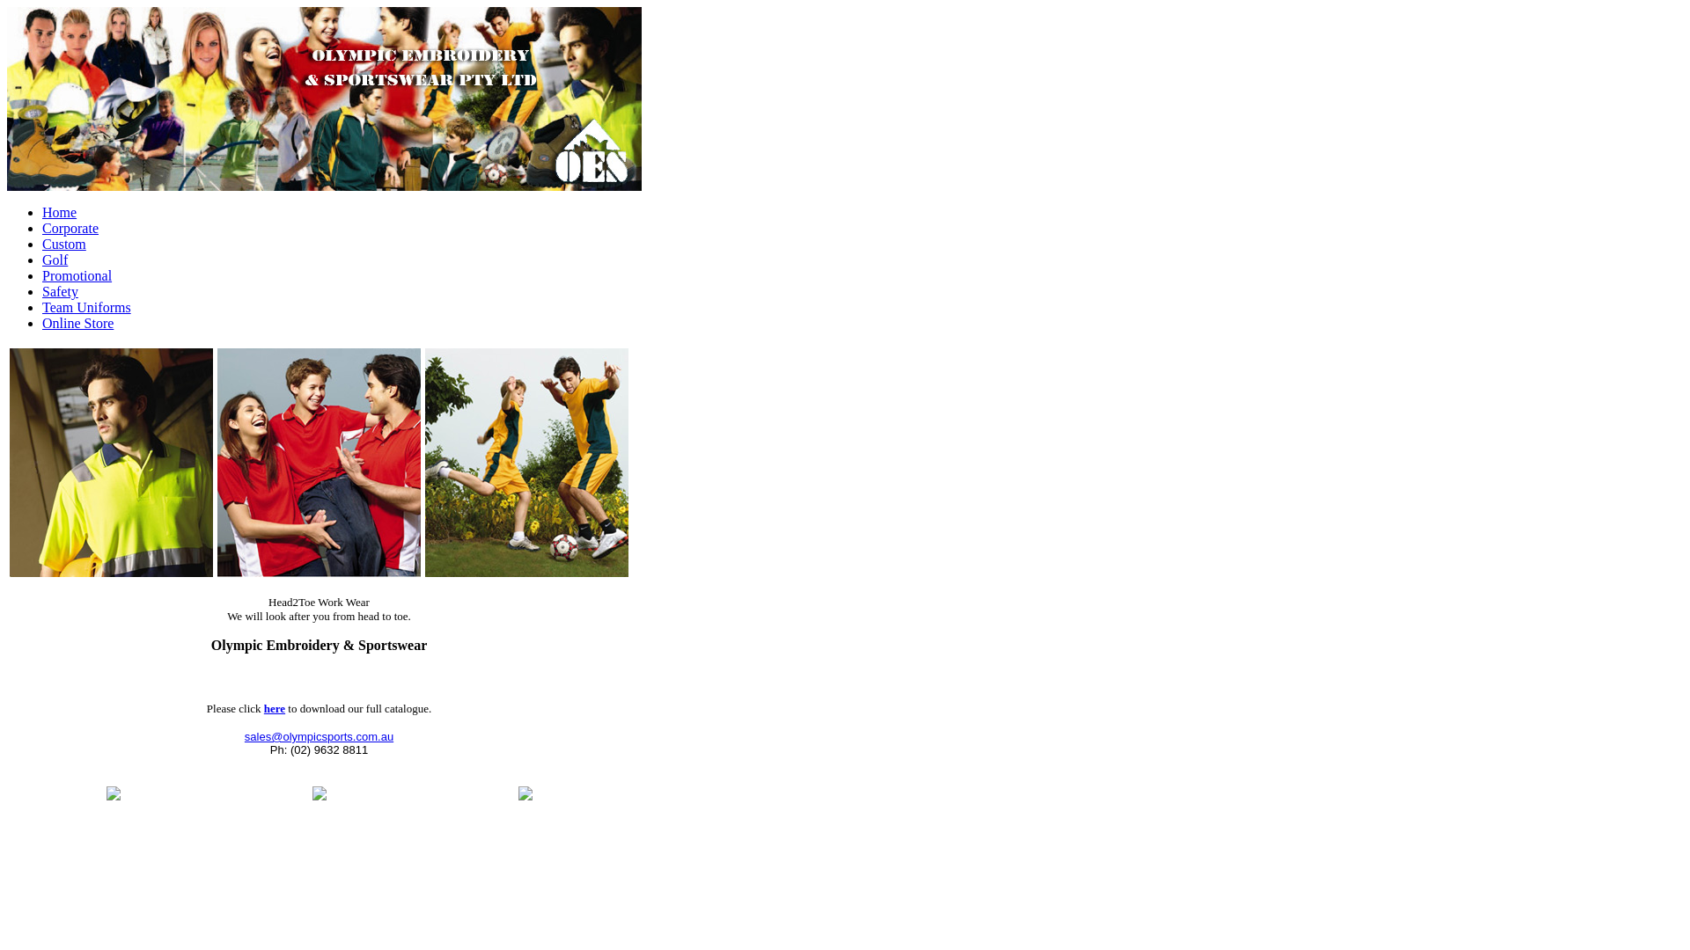 The image size is (1690, 950). What do you see at coordinates (63, 244) in the screenshot?
I see `'Custom'` at bounding box center [63, 244].